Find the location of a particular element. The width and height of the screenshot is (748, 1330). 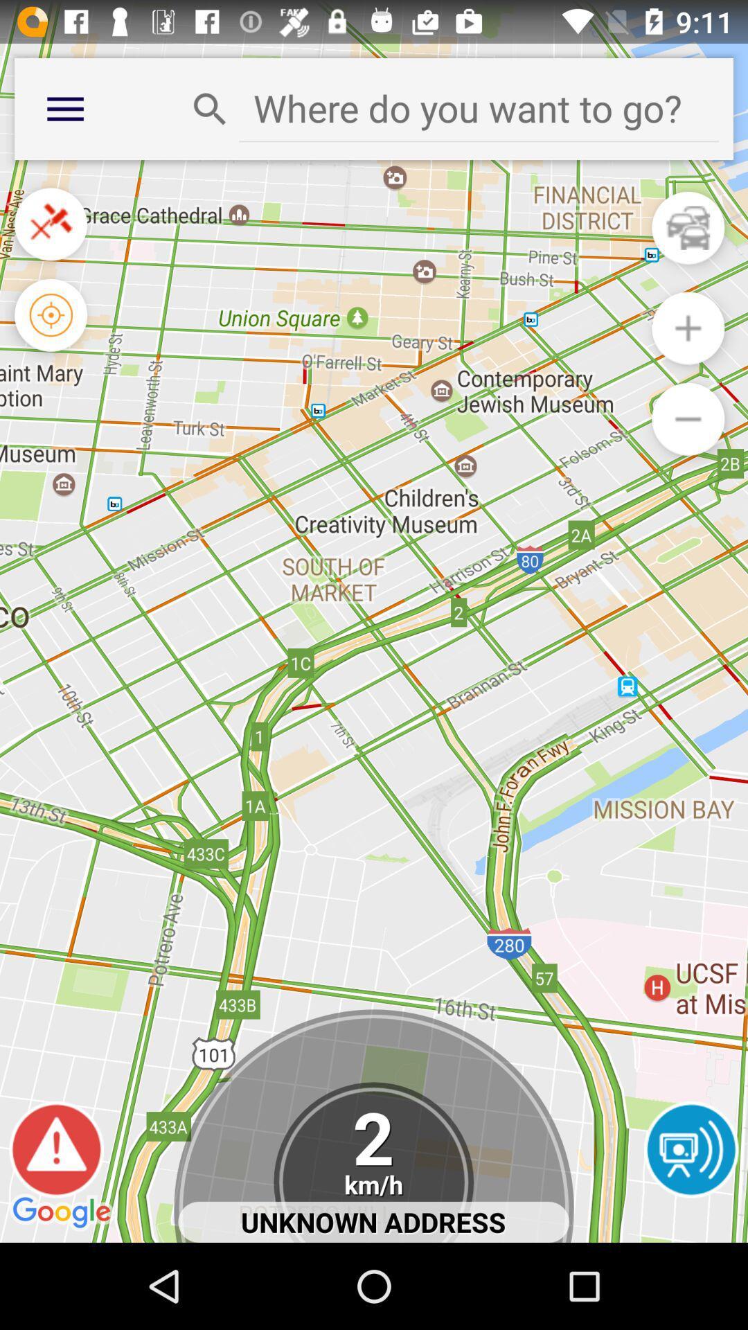

the zoom_out icon is located at coordinates (688, 448).